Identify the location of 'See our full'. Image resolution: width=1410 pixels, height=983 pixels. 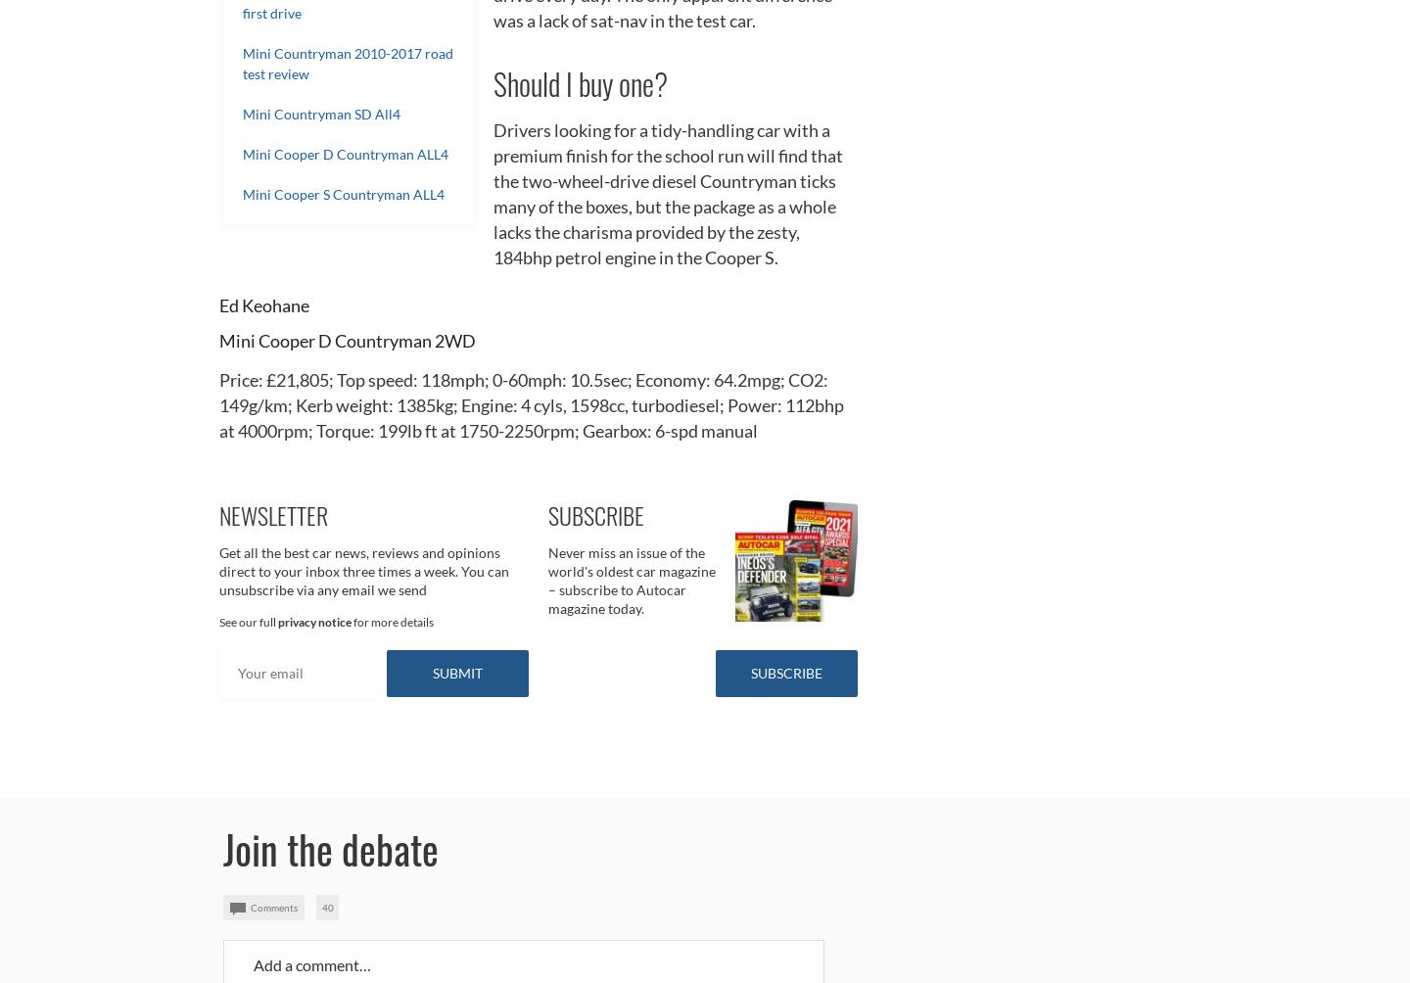
(248, 620).